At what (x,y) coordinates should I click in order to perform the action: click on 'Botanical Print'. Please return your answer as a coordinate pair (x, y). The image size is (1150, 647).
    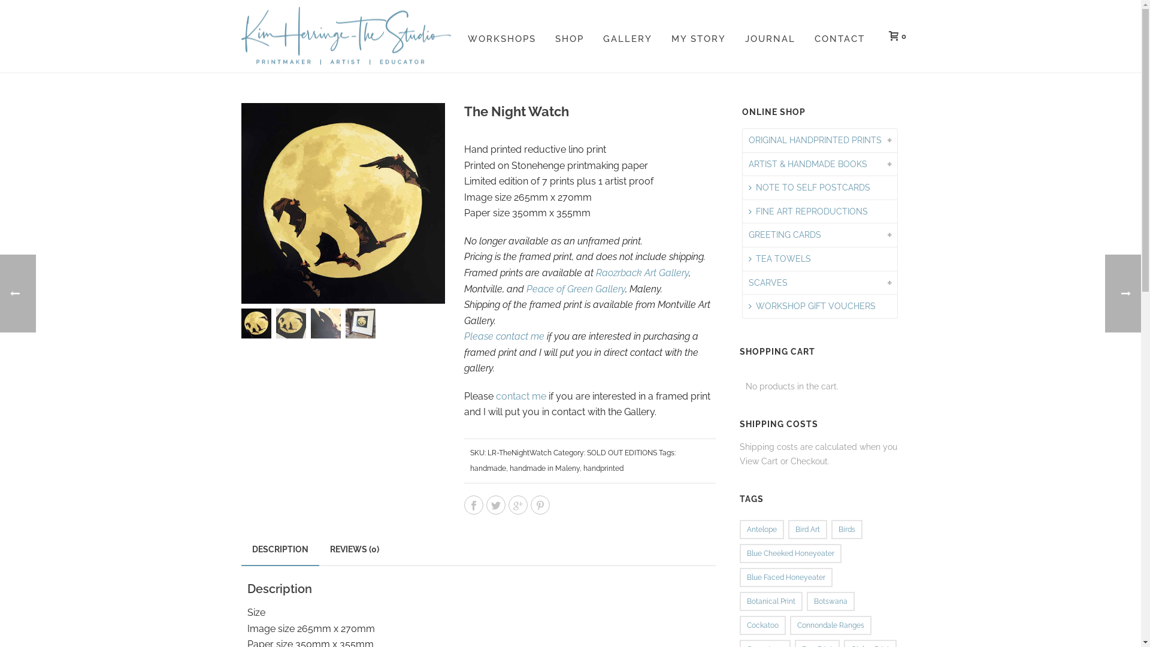
    Looking at the image, I should click on (771, 601).